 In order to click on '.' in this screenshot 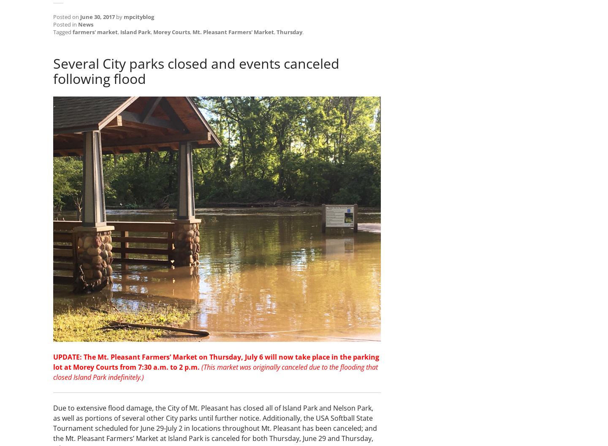, I will do `click(303, 32)`.